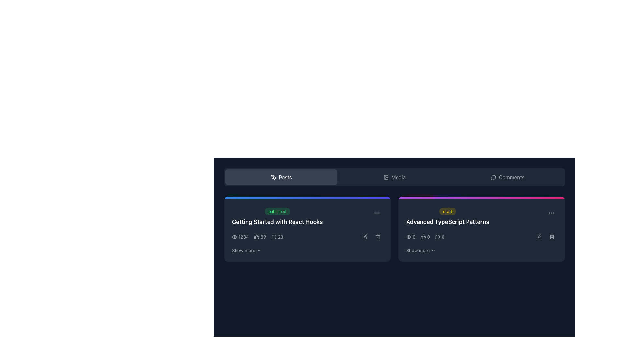 Image resolution: width=622 pixels, height=350 pixels. I want to click on the downward-pointing chevron icon located to the right of the 'Show more' text in the 'Getting Started with React Hooks' card, so click(259, 250).